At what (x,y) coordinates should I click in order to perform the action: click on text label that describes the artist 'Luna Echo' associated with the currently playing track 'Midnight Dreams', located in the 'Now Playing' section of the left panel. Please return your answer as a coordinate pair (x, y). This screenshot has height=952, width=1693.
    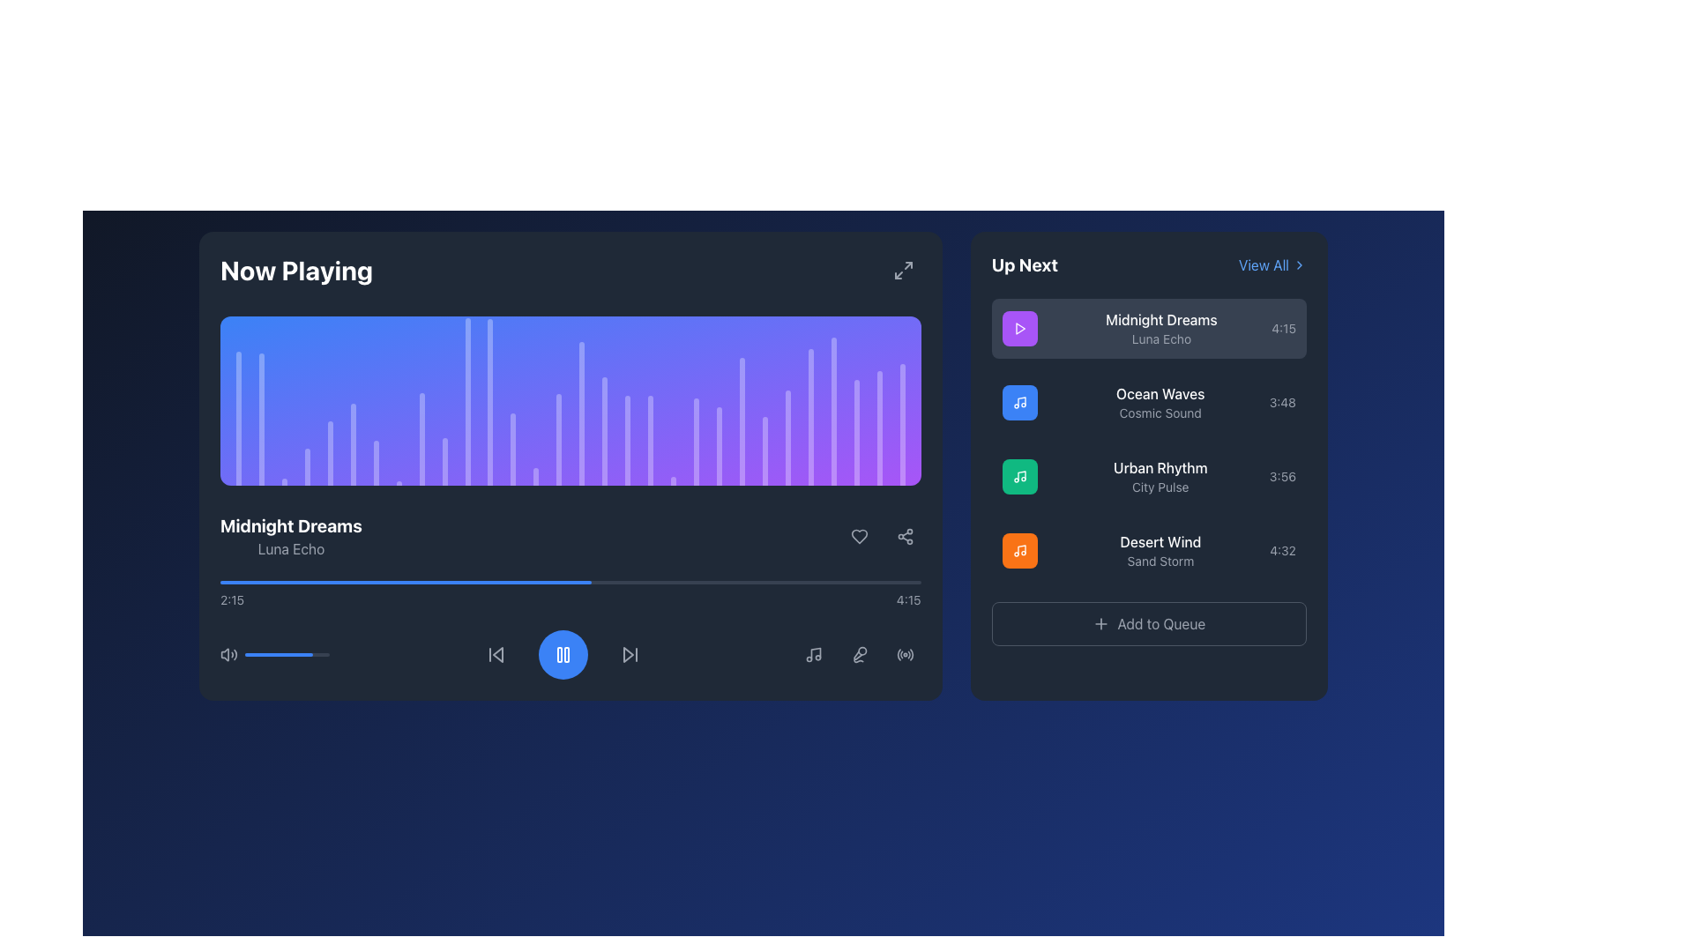
    Looking at the image, I should click on (291, 548).